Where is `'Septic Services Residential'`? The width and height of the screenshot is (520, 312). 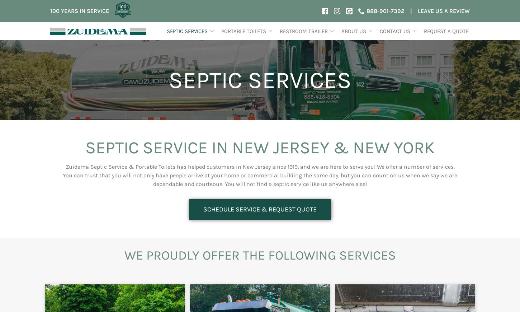 'Septic Services Residential' is located at coordinates (172, 257).